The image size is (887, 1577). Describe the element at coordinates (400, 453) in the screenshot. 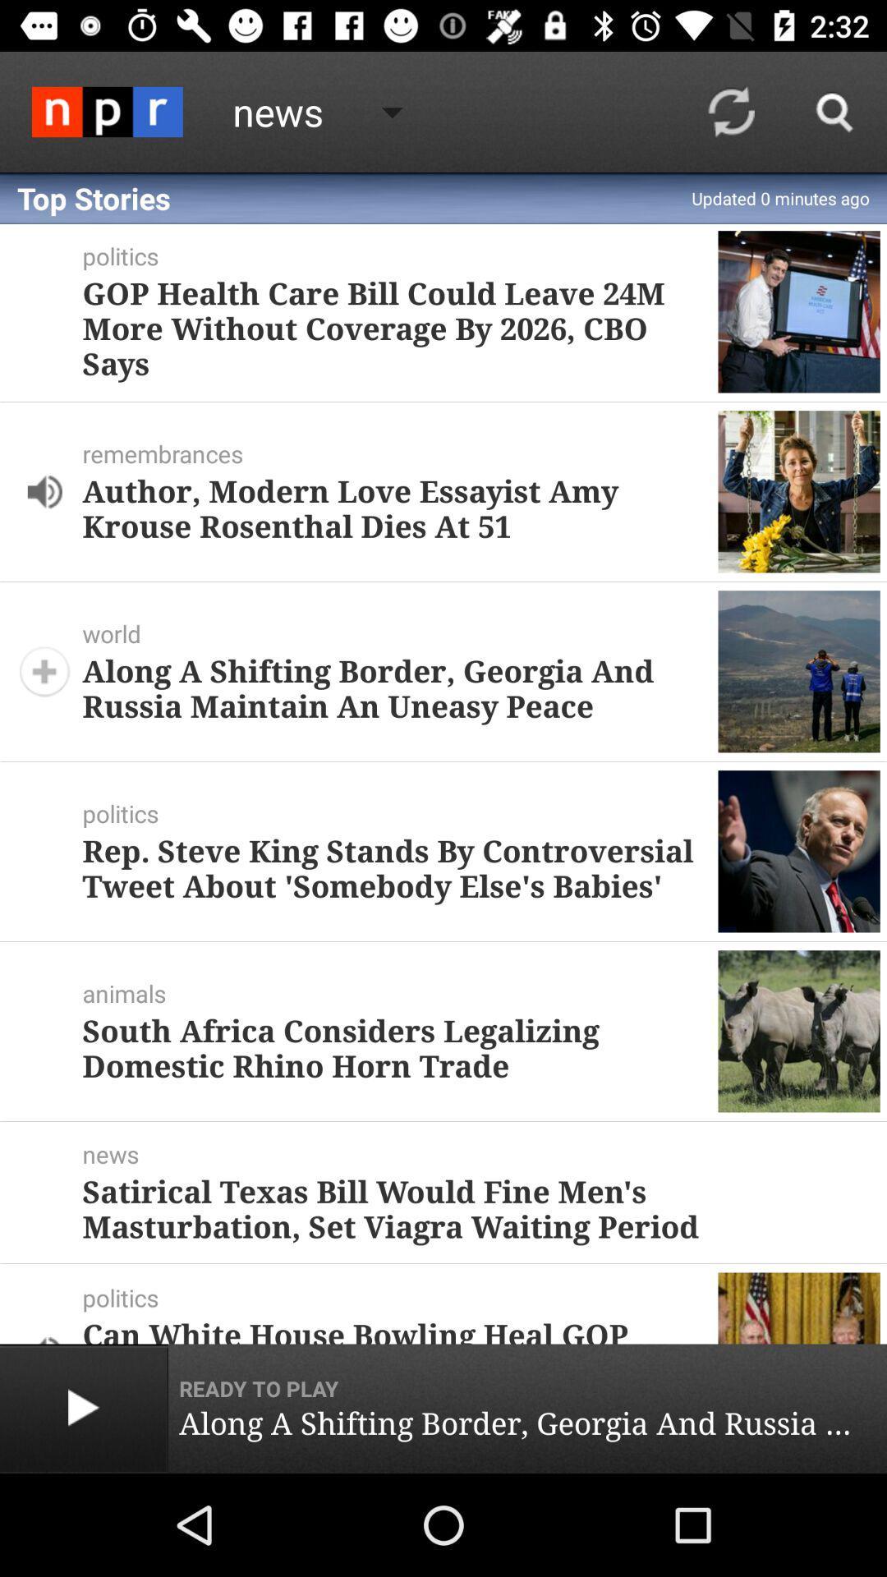

I see `remembrances icon` at that location.